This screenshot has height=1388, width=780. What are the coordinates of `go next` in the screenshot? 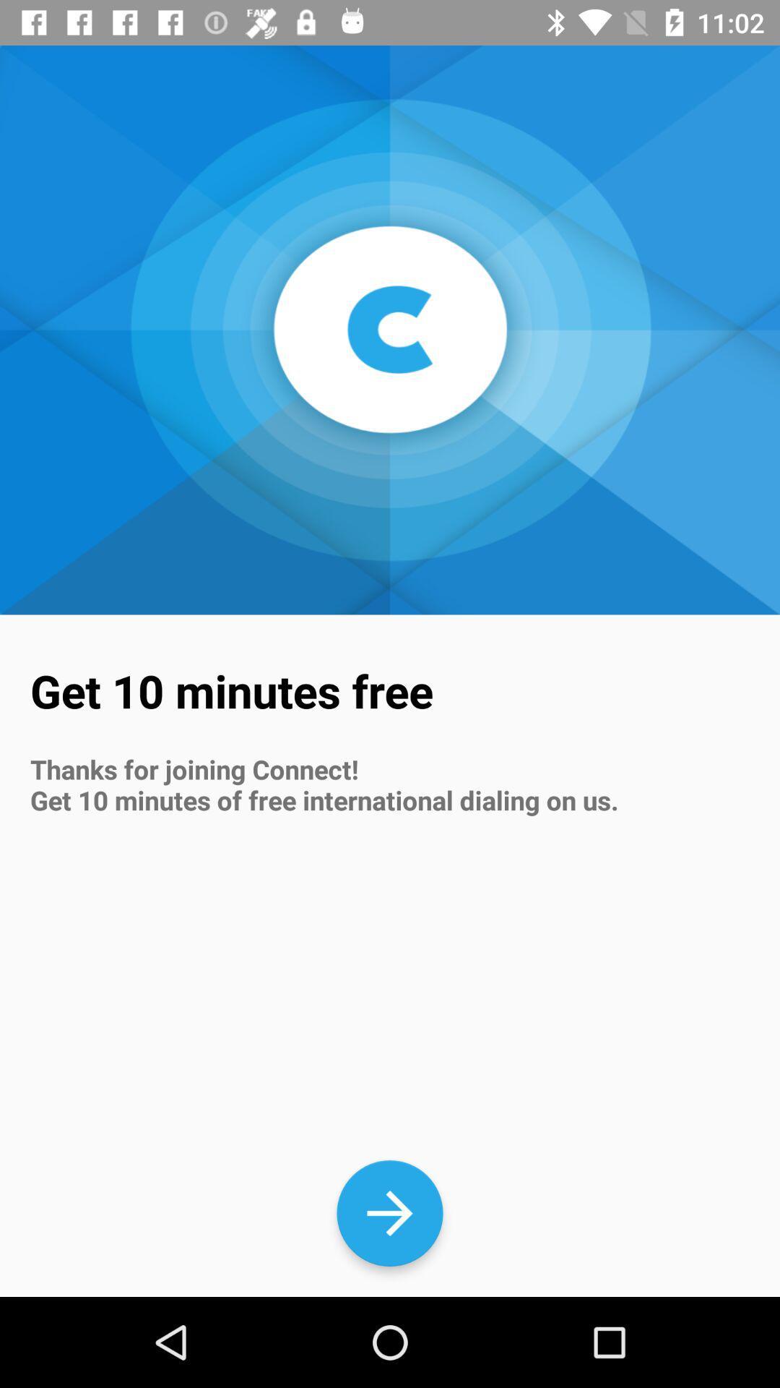 It's located at (390, 1213).